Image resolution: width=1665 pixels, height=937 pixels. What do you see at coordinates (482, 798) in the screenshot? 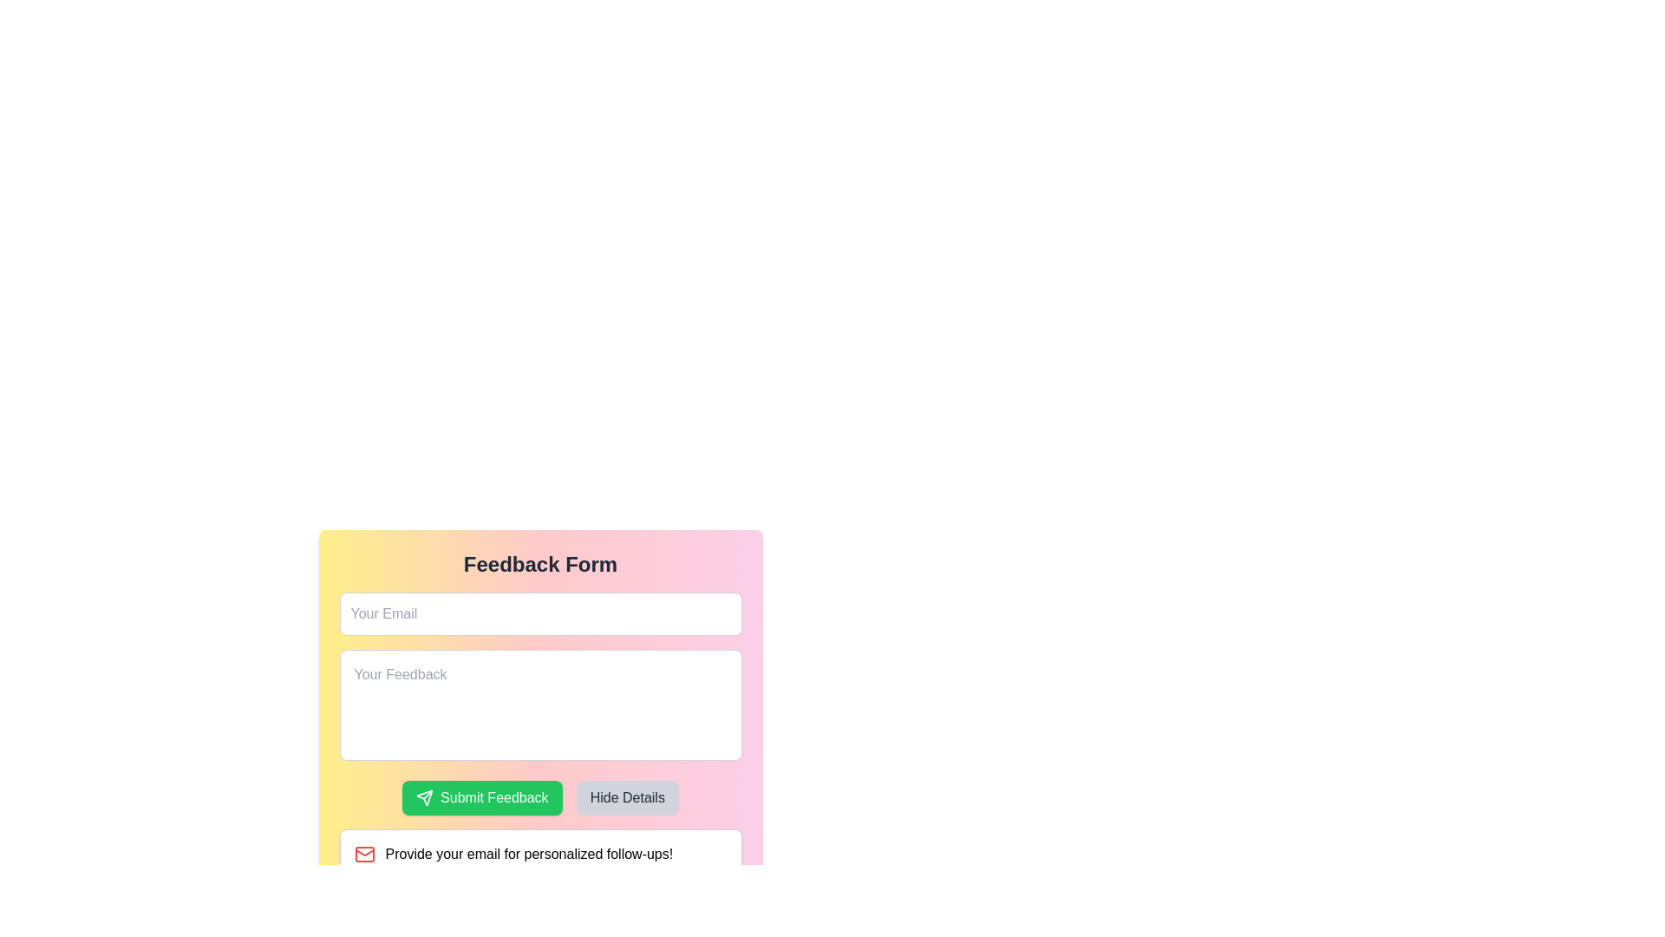
I see `the 'Submit Feedback' button, which is a rectangular button with a green background and white text, located at the lower center of the form` at bounding box center [482, 798].